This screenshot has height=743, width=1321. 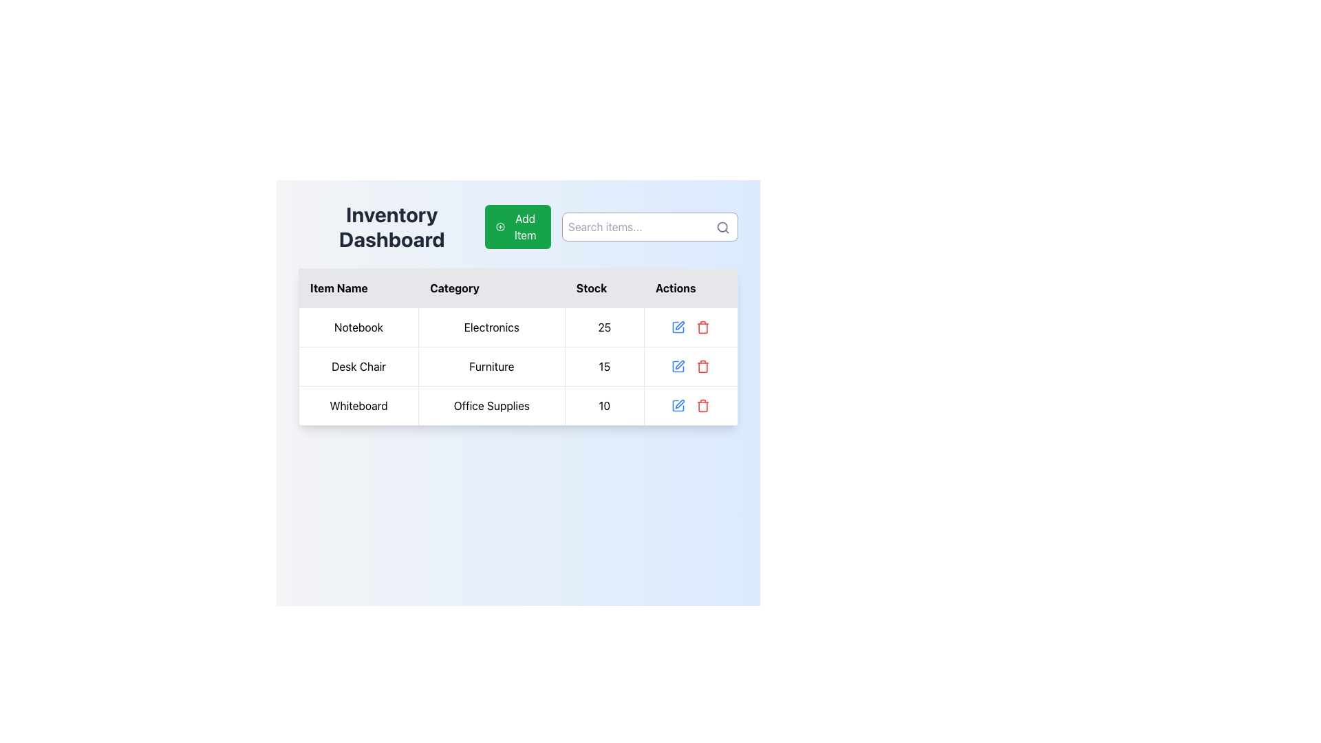 What do you see at coordinates (491, 365) in the screenshot?
I see `the text block reading 'Furniture' located in the 'Category' column of the data table, which has a centered alignment and is surrounded by a border` at bounding box center [491, 365].